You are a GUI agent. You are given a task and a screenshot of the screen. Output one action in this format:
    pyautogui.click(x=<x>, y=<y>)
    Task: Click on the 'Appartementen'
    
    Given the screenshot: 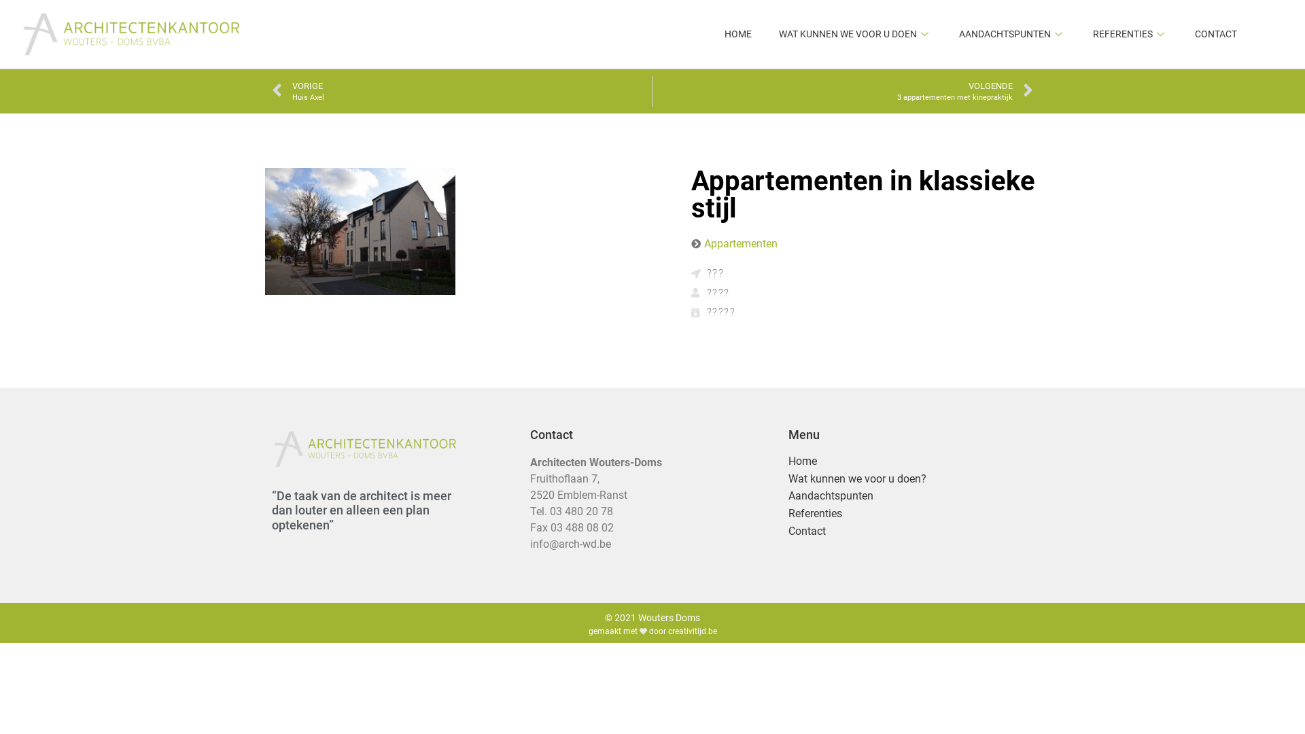 What is the action you would take?
    pyautogui.click(x=739, y=243)
    